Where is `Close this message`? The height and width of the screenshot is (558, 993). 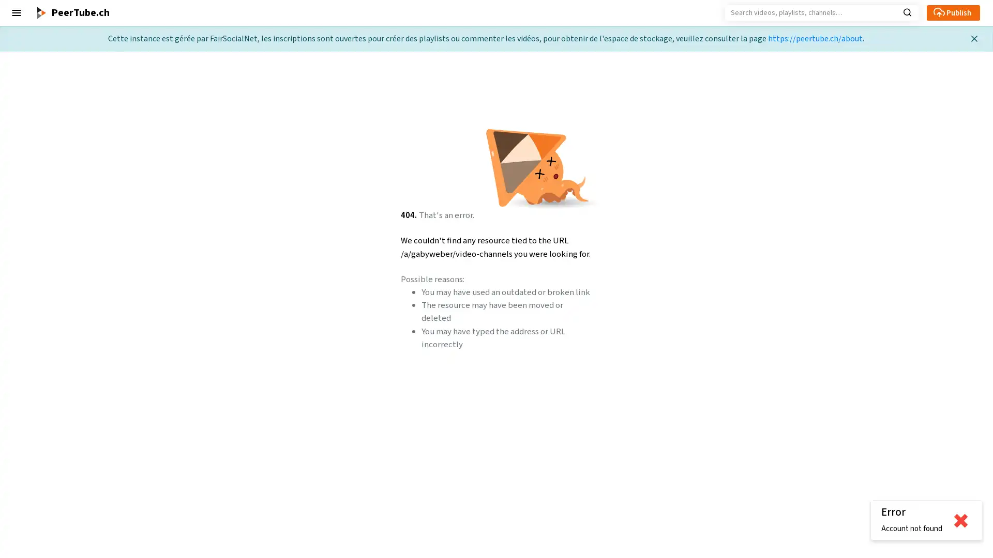 Close this message is located at coordinates (973, 38).